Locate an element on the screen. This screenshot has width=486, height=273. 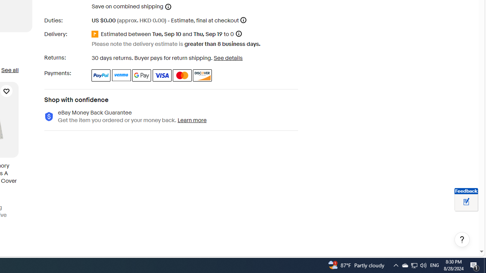
'Delivery alert flag' is located at coordinates (96, 34).